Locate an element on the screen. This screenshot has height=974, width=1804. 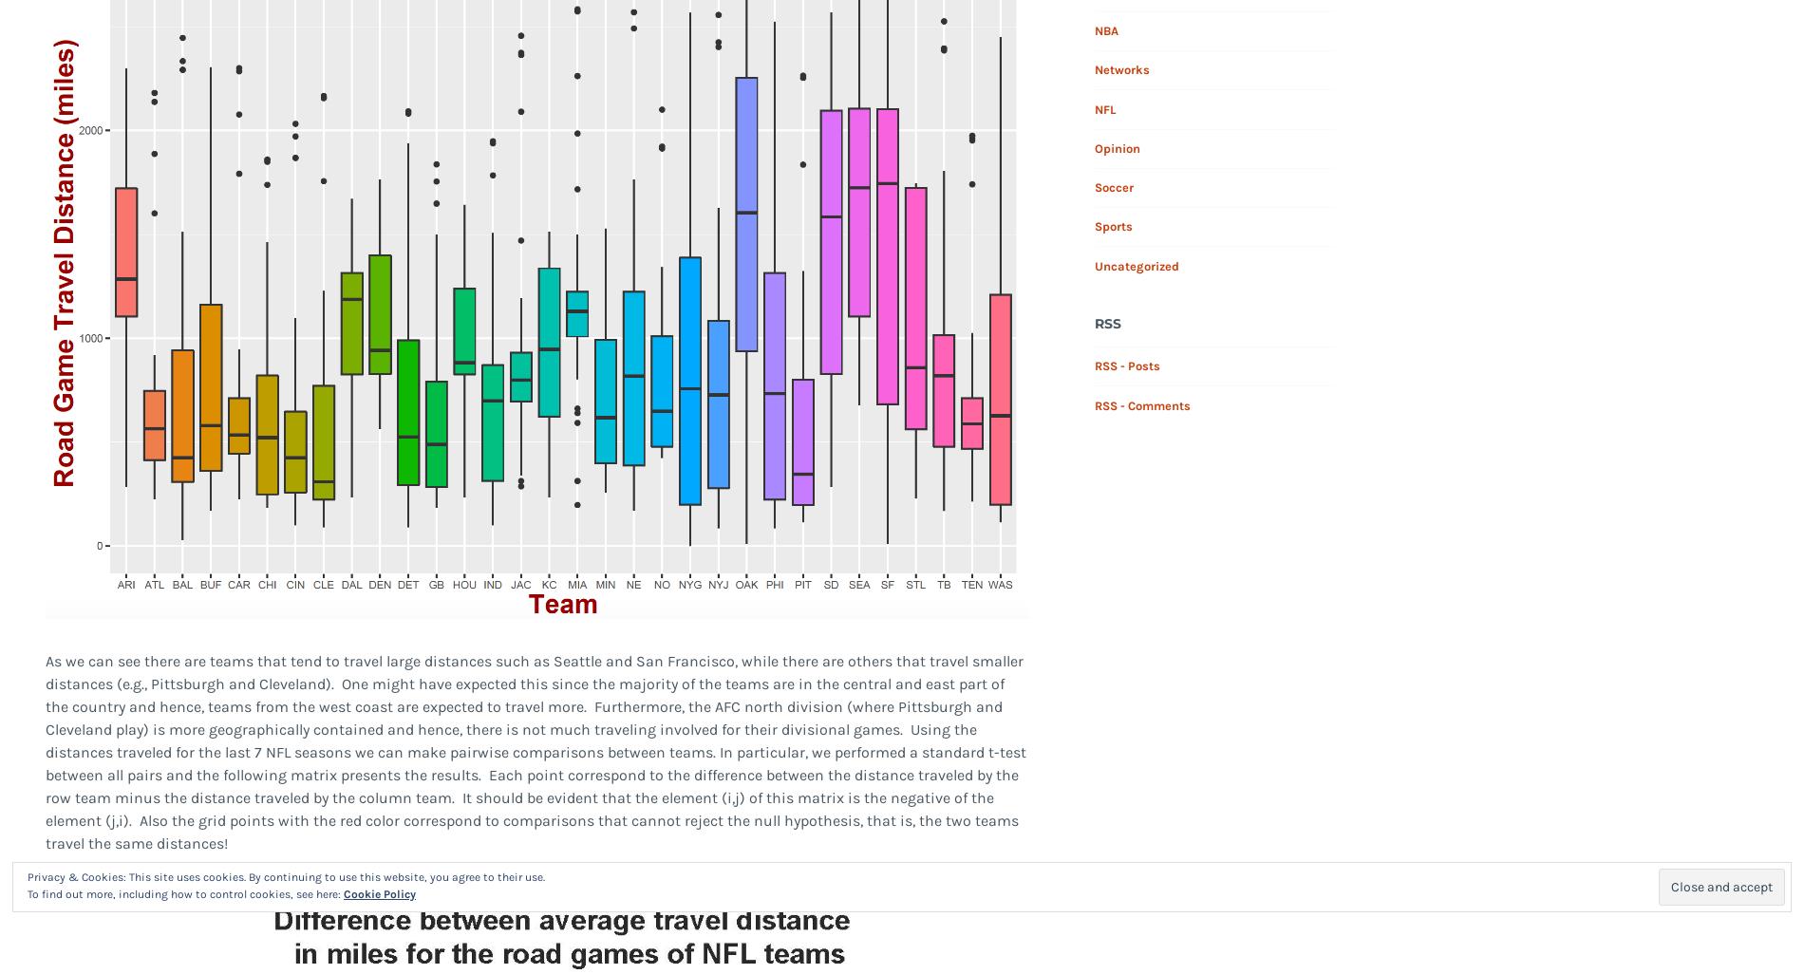
'RSS - Posts' is located at coordinates (1127, 365).